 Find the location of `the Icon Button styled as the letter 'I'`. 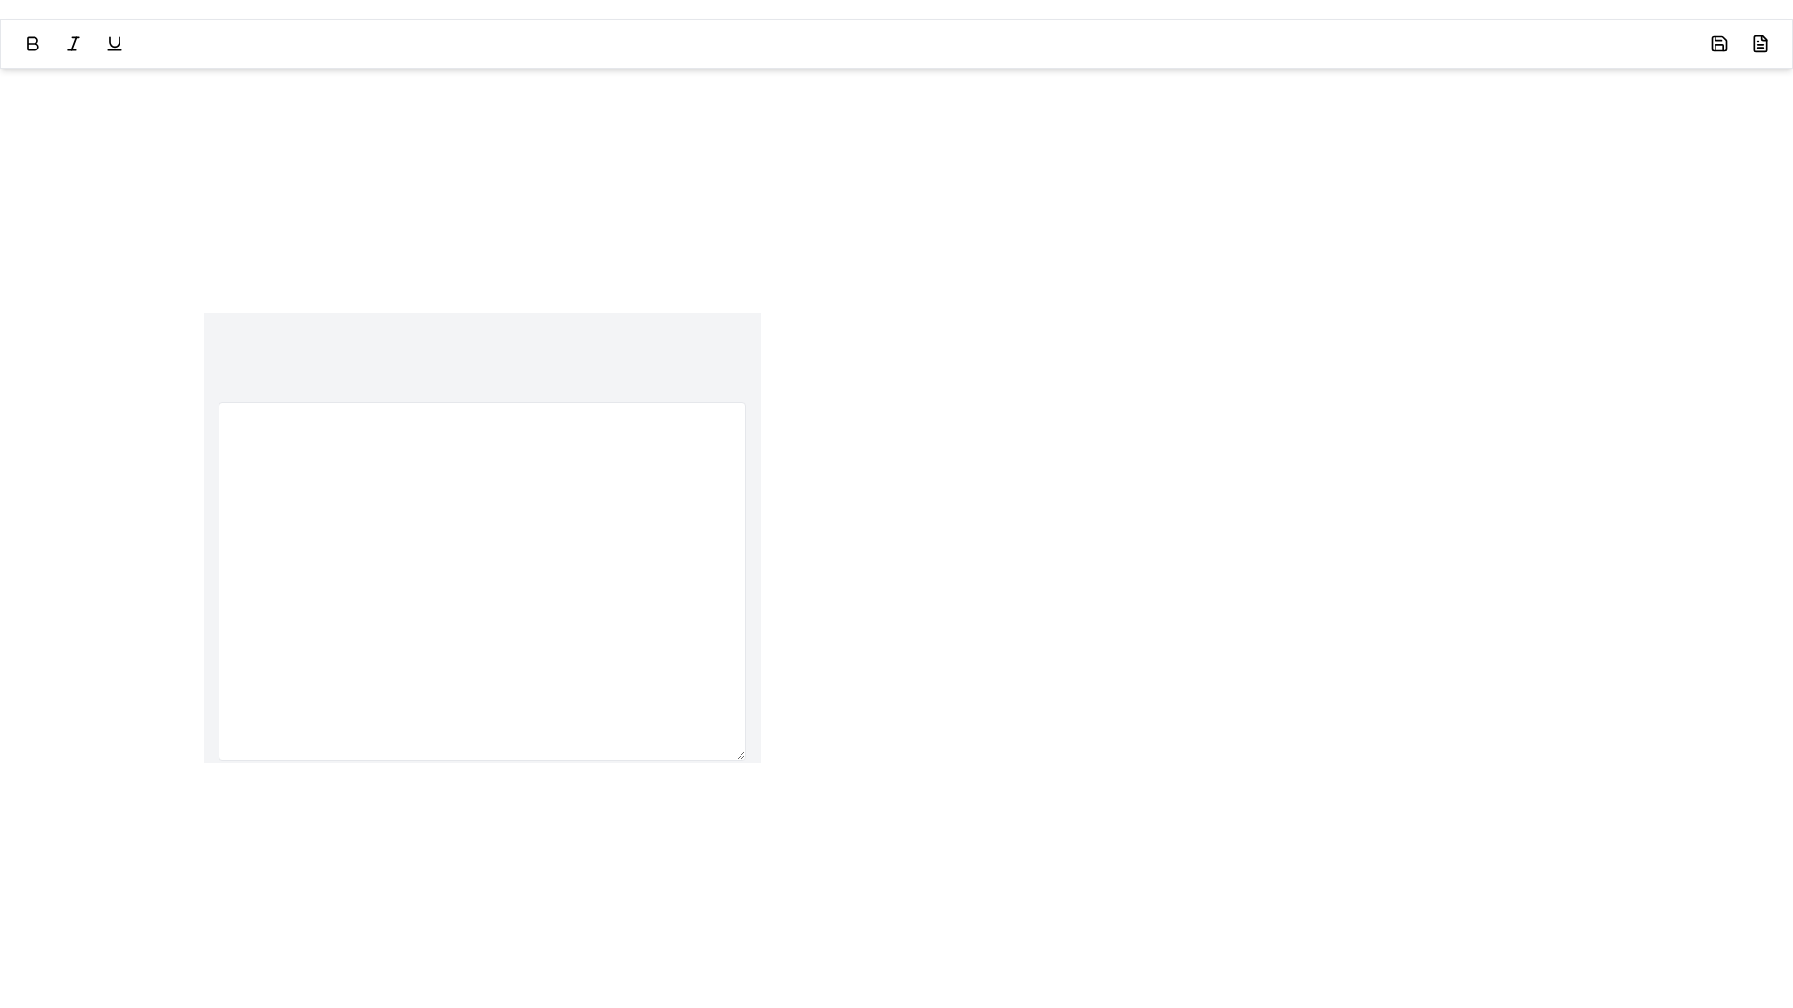

the Icon Button styled as the letter 'I' is located at coordinates (73, 42).